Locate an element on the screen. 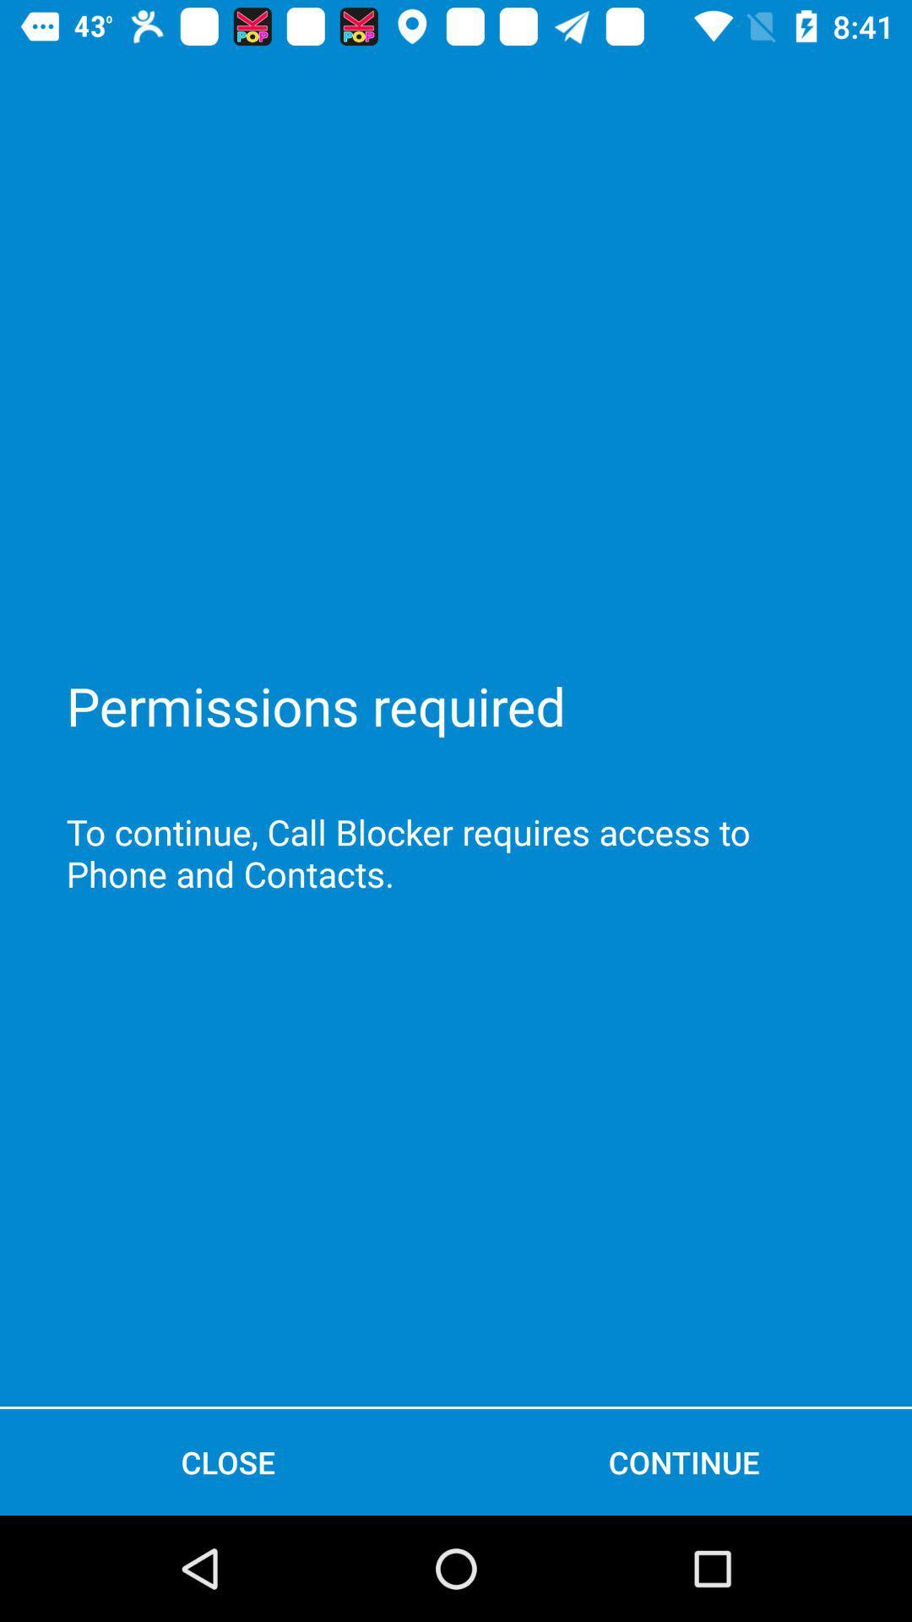 The height and width of the screenshot is (1622, 912). the icon next to the continue item is located at coordinates (228, 1461).